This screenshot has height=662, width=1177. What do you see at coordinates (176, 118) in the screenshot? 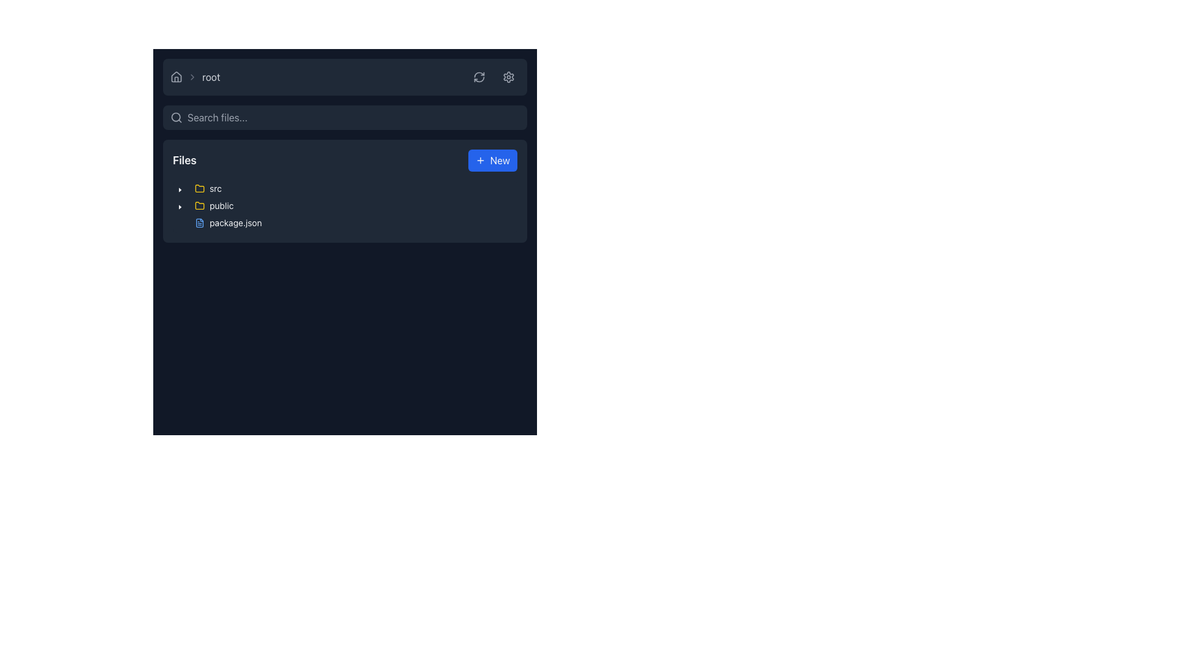
I see `the search icon positioned at the leftmost side of the search input field` at bounding box center [176, 118].